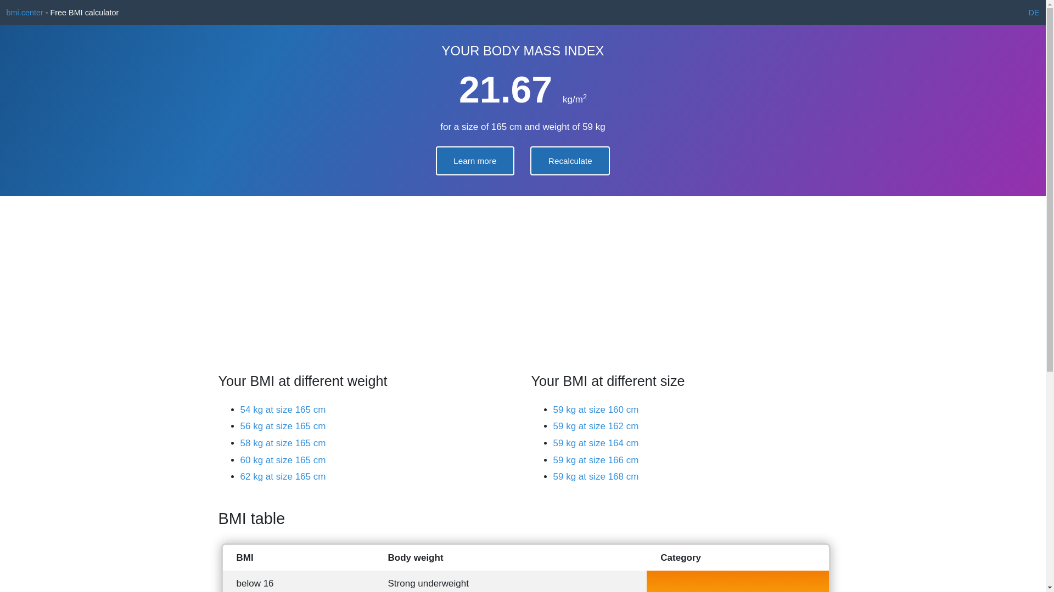 The image size is (1054, 592). What do you see at coordinates (239, 409) in the screenshot?
I see `'54 kg at size 165 cm'` at bounding box center [239, 409].